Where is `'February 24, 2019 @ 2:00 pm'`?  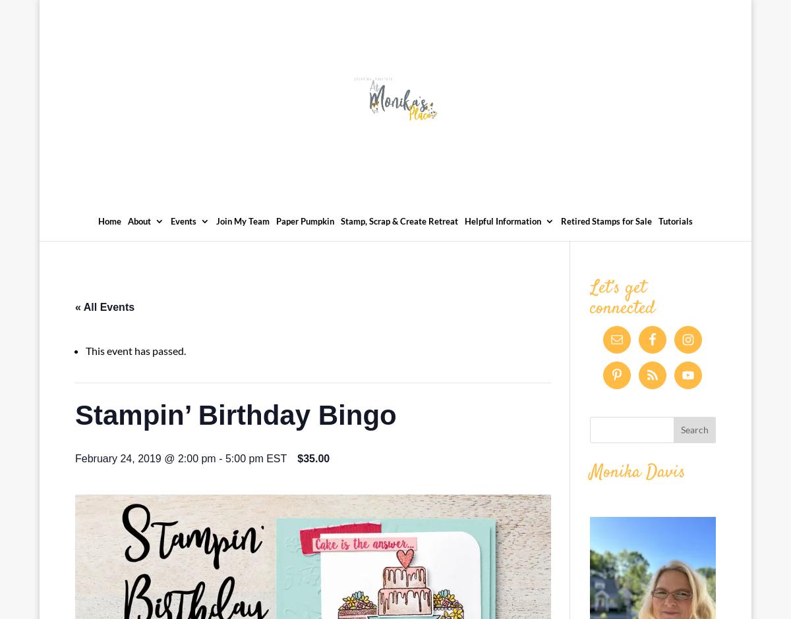 'February 24, 2019 @ 2:00 pm' is located at coordinates (144, 457).